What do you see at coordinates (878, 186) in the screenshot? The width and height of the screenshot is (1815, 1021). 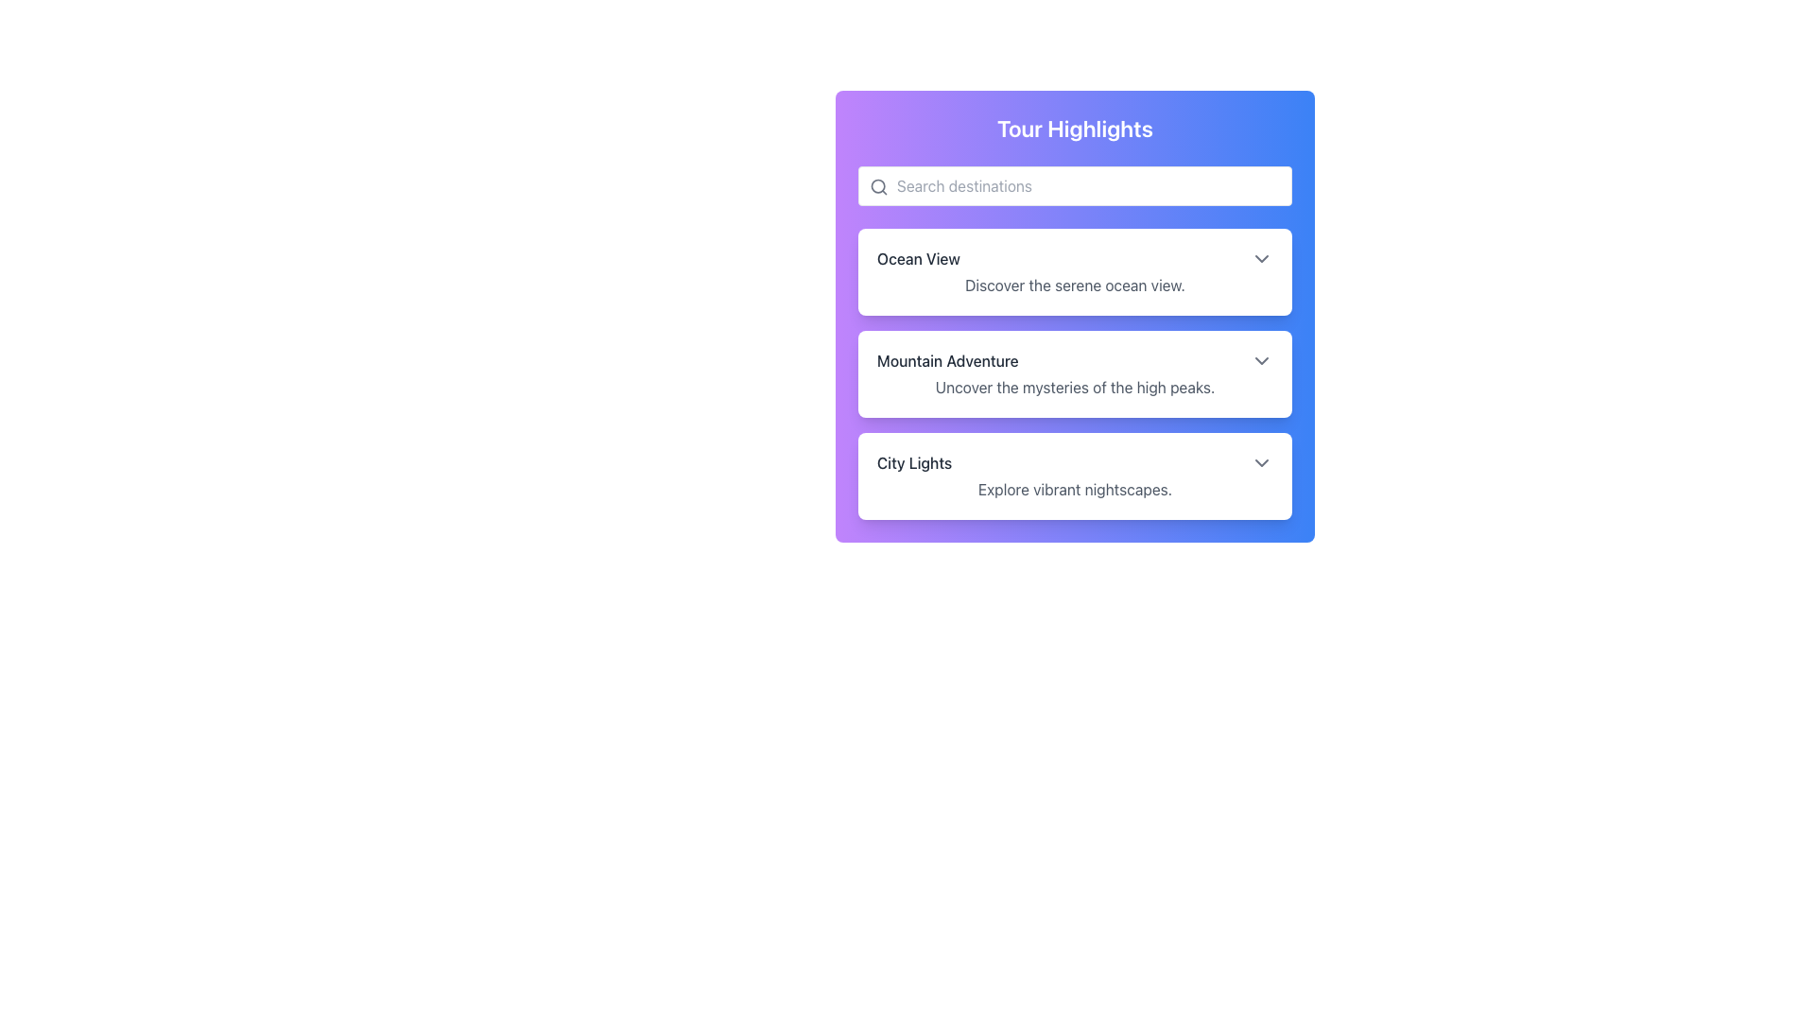 I see `the magnifying glass icon located on the left side of the 'Search destinations' input field` at bounding box center [878, 186].